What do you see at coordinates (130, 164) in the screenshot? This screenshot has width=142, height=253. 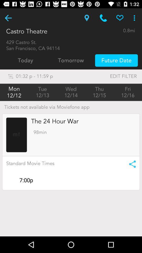 I see `share link` at bounding box center [130, 164].